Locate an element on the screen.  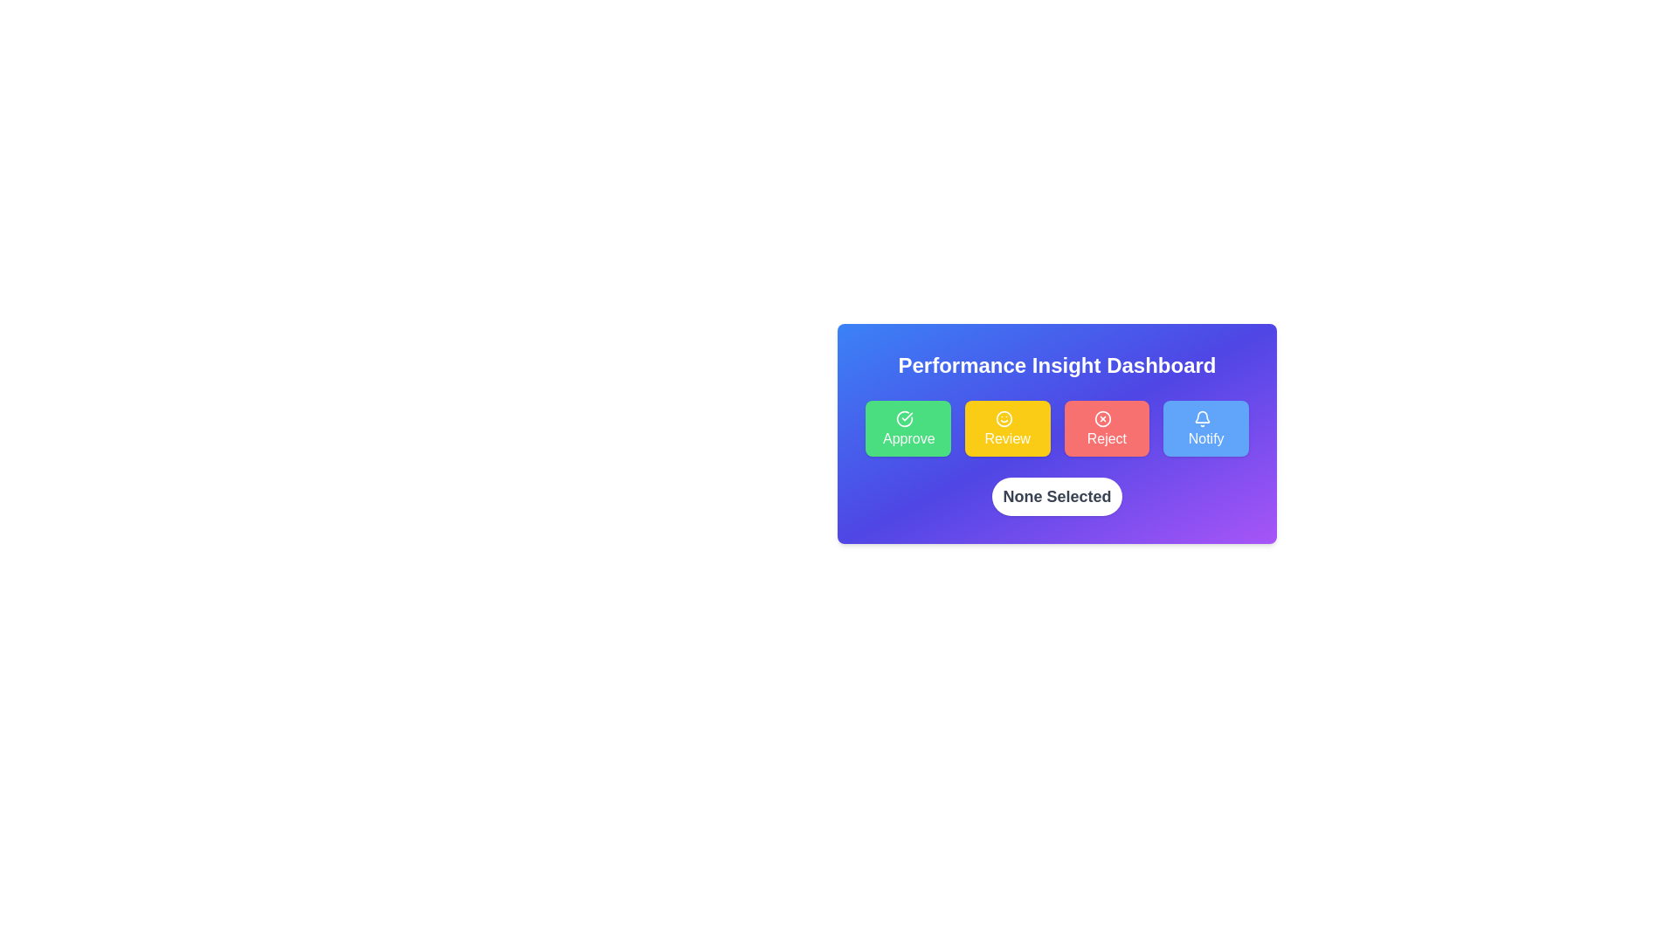
the notification icon located inside the blue 'Notify' button, which is the fourth button from the left in a row of four buttons at the bottom of the interface is located at coordinates (1202, 418).